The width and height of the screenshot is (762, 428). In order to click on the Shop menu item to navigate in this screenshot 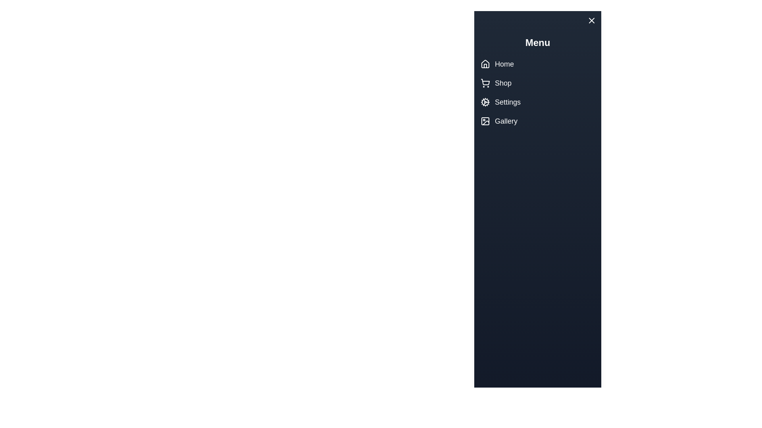, I will do `click(518, 83)`.